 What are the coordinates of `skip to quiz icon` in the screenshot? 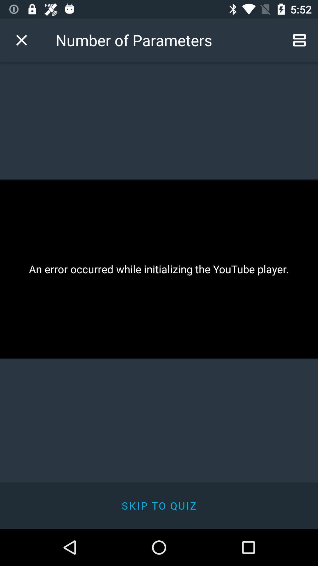 It's located at (159, 505).